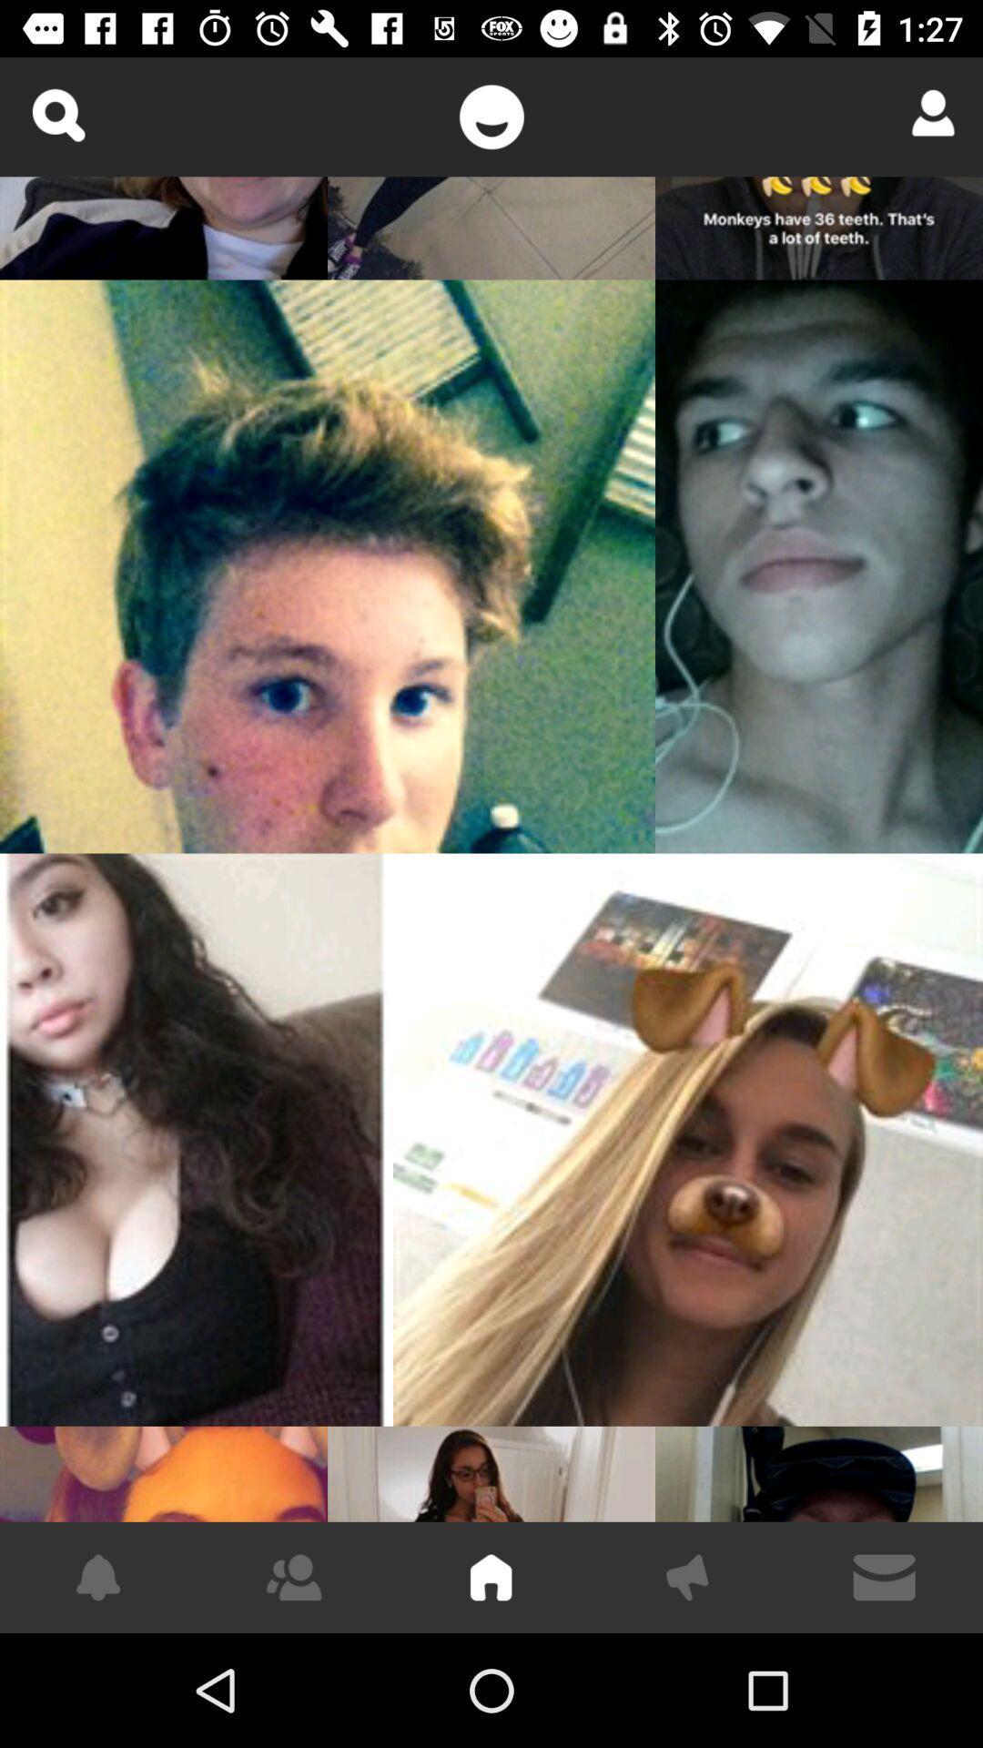  What do you see at coordinates (197, 1139) in the screenshot?
I see `icon on the left` at bounding box center [197, 1139].